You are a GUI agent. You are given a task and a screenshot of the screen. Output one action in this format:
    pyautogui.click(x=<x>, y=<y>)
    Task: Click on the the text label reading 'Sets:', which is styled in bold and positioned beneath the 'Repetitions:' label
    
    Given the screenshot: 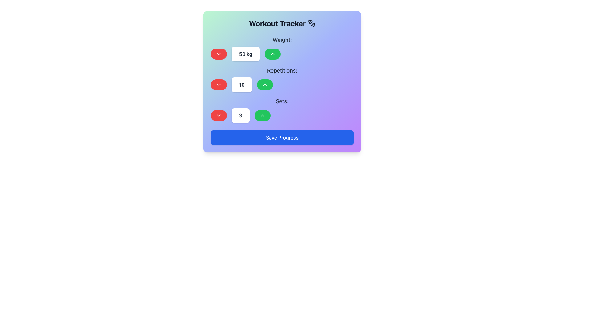 What is the action you would take?
    pyautogui.click(x=282, y=101)
    